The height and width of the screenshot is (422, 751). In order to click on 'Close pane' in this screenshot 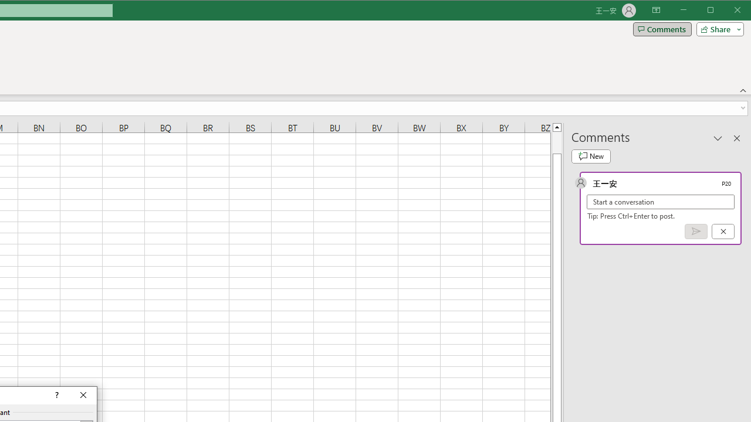, I will do `click(736, 137)`.